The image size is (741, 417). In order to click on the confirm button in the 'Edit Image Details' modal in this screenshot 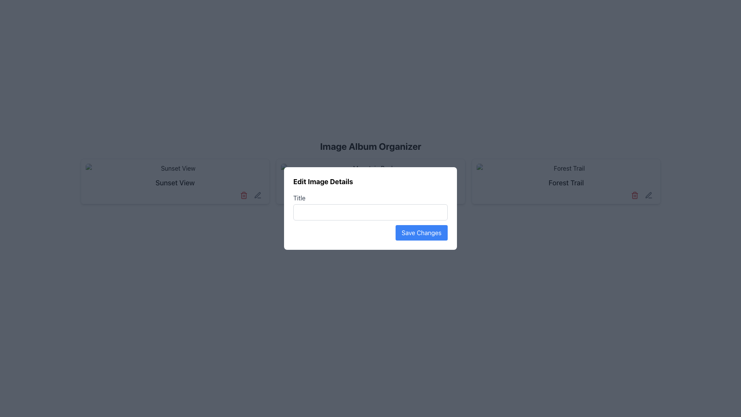, I will do `click(421, 232)`.